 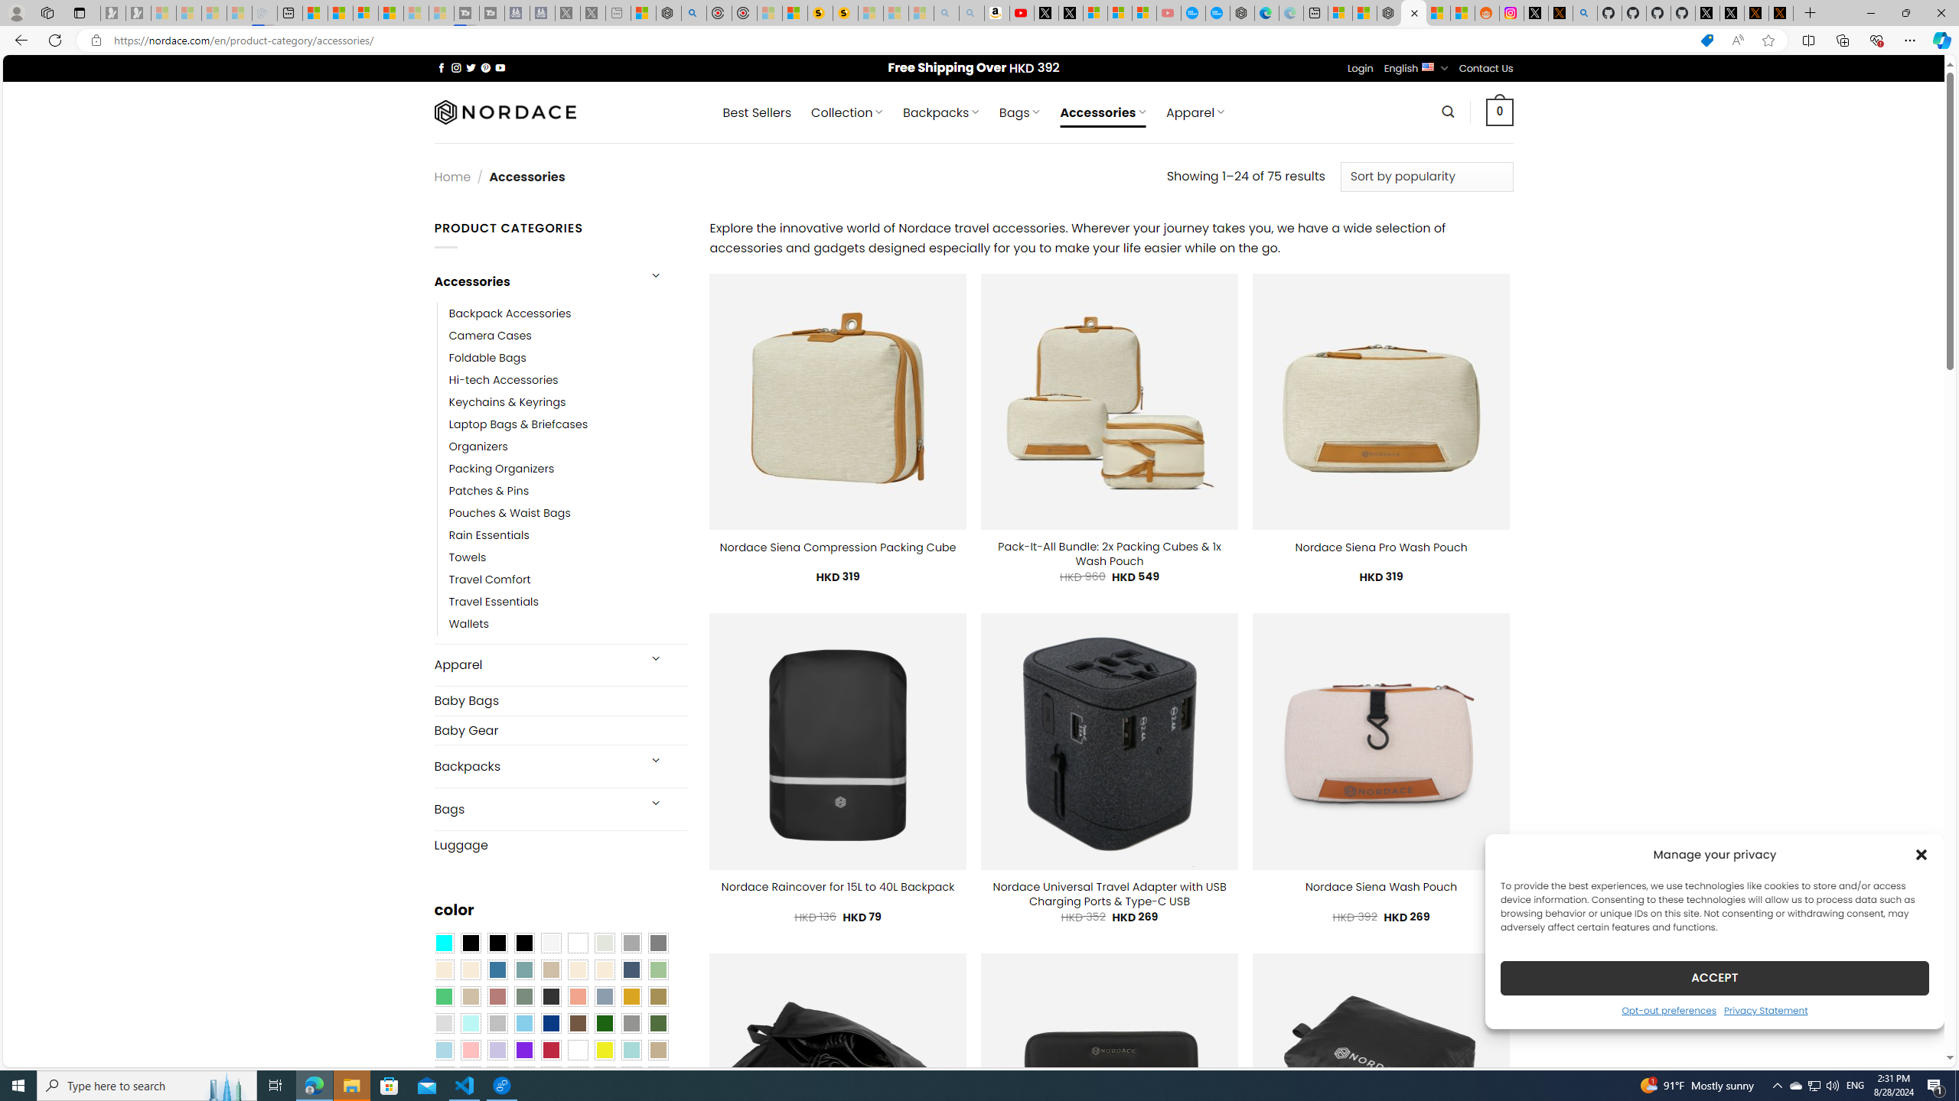 What do you see at coordinates (658, 943) in the screenshot?
I see `'All Gray'` at bounding box center [658, 943].